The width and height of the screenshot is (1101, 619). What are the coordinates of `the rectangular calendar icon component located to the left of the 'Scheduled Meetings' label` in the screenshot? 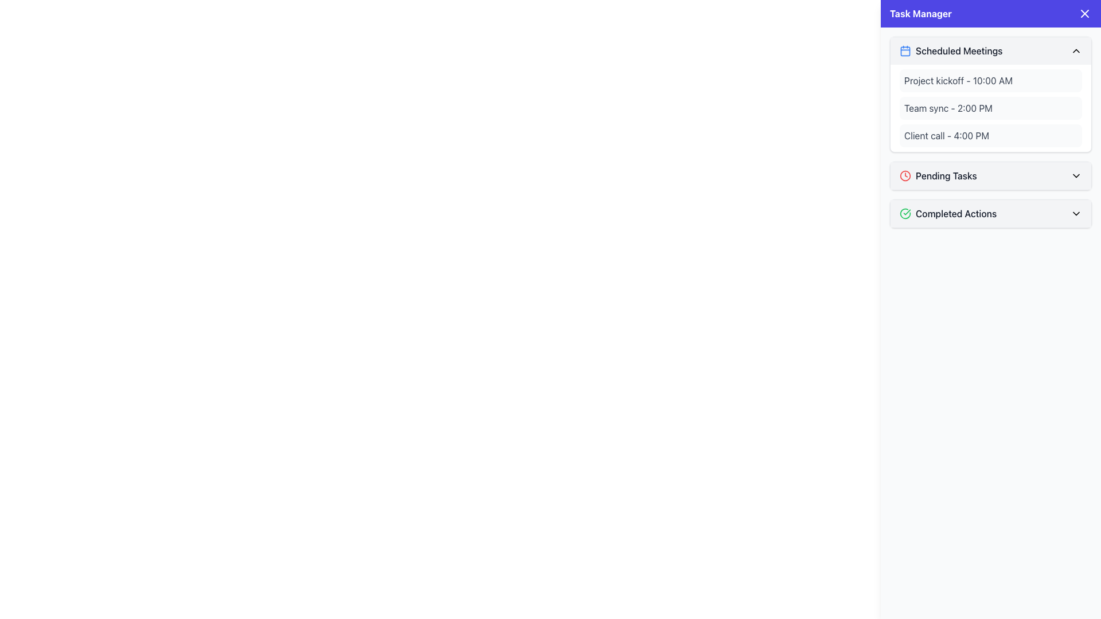 It's located at (905, 50).